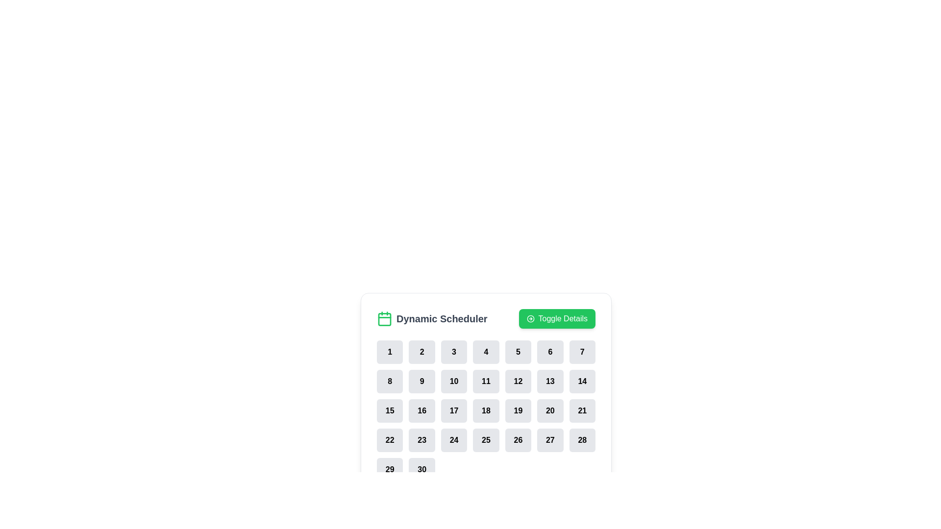  What do you see at coordinates (518, 411) in the screenshot?
I see `the button representing the 19th day in the calendar interface` at bounding box center [518, 411].